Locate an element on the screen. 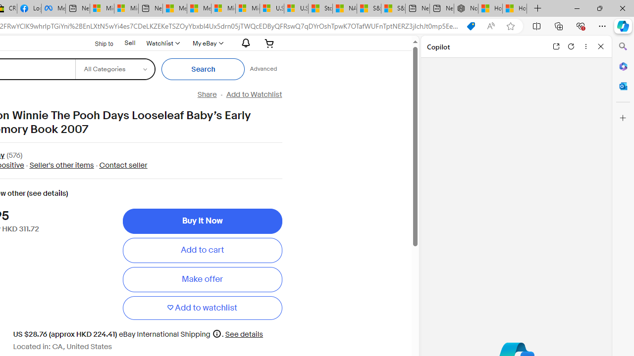 This screenshot has height=356, width=634. '  Contact seller' is located at coordinates (120, 165).